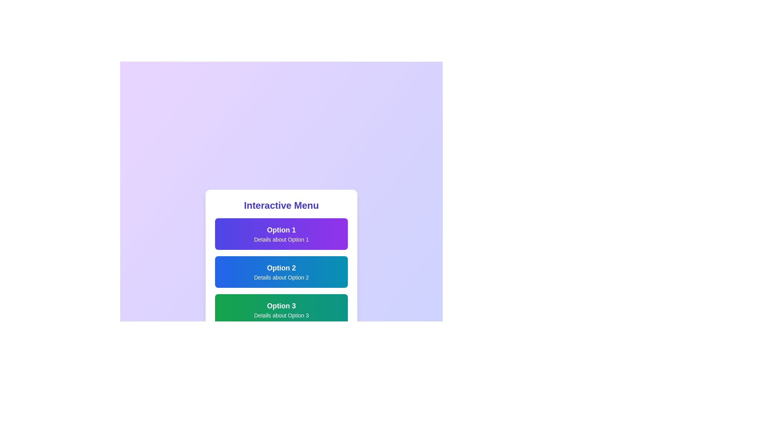  Describe the element at coordinates (281, 309) in the screenshot. I see `the menu option Option 3` at that location.